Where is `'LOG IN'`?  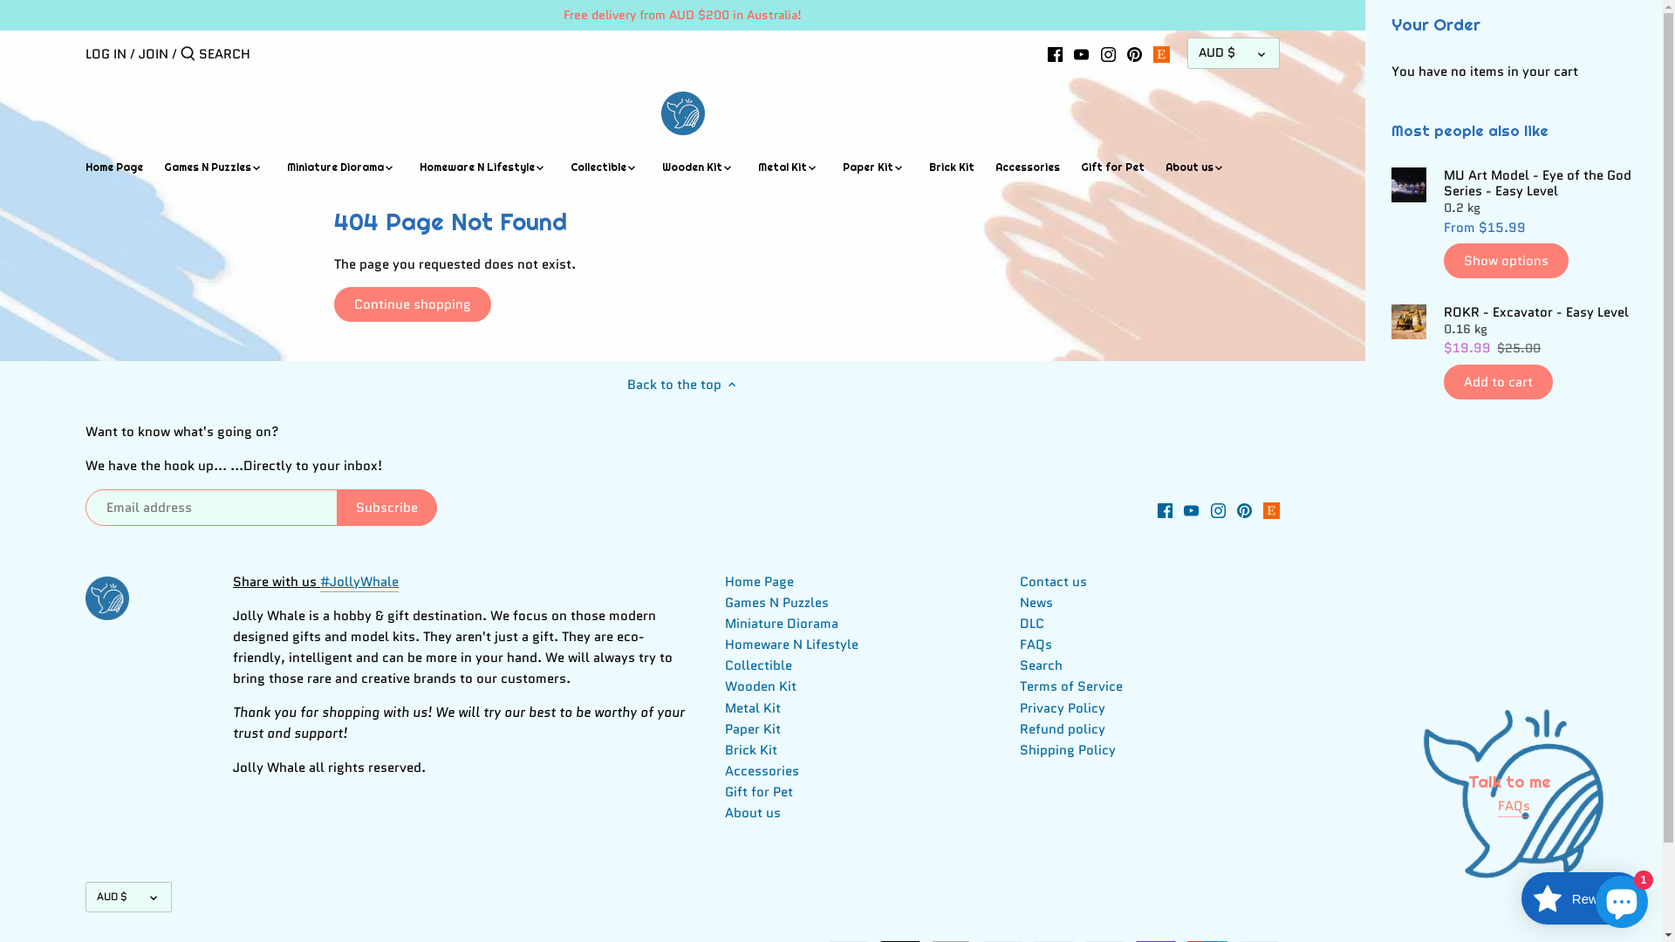
'LOG IN' is located at coordinates (105, 52).